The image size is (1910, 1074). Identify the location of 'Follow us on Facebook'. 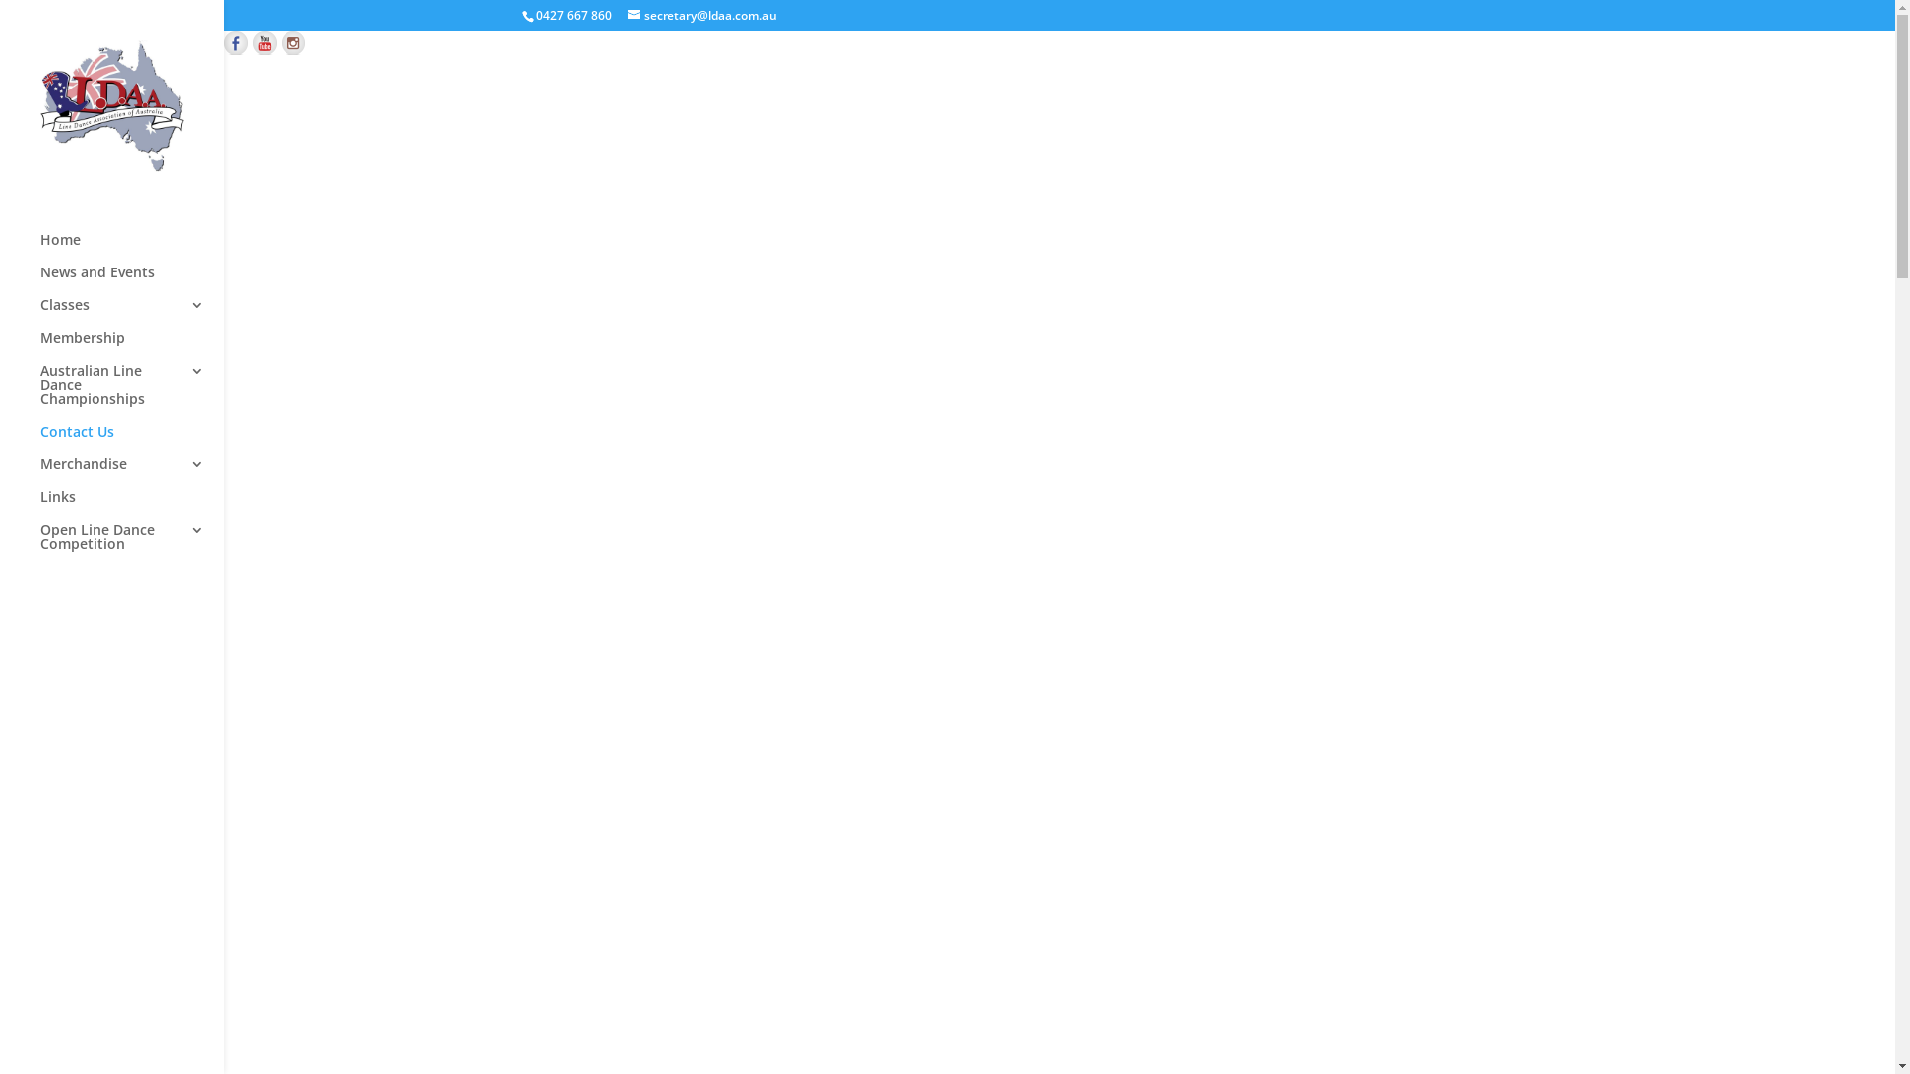
(235, 42).